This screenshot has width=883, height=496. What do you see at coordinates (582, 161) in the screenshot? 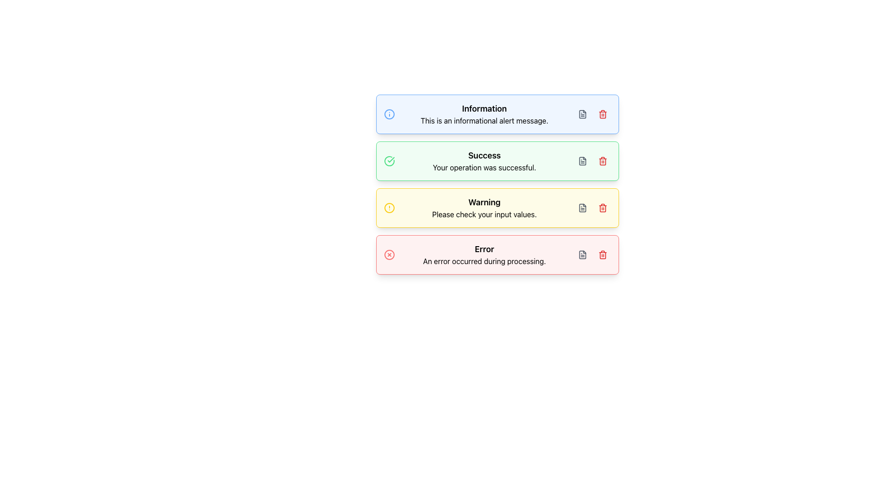
I see `the Icon button in the second notification box labeled 'Success'` at bounding box center [582, 161].